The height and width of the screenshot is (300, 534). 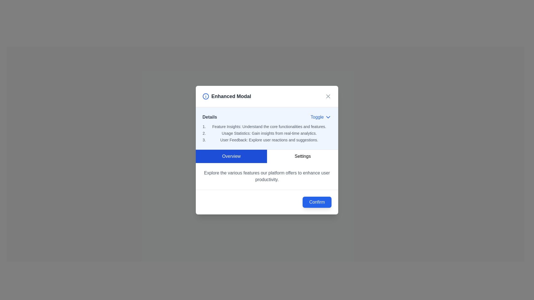 I want to click on the rightmost button in the modal interface, so click(x=302, y=156).